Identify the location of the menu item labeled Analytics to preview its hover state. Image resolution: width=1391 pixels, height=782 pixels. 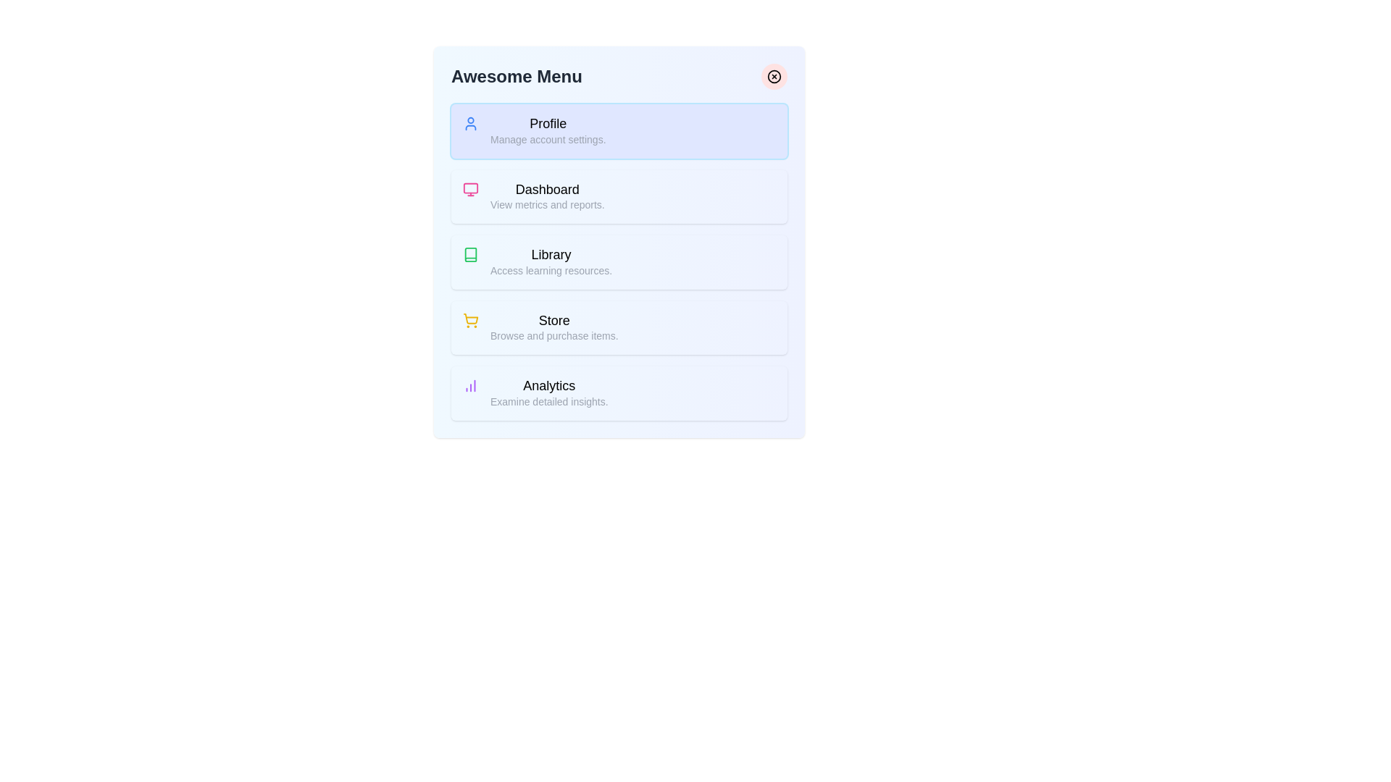
(619, 393).